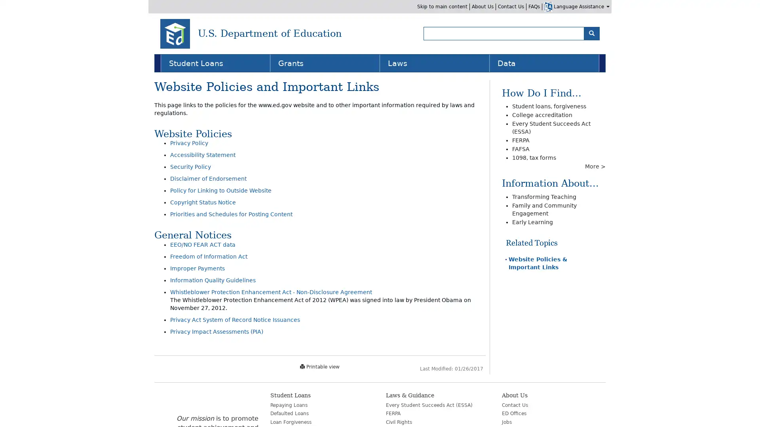 This screenshot has width=760, height=427. Describe the element at coordinates (591, 33) in the screenshot. I see `Search` at that location.